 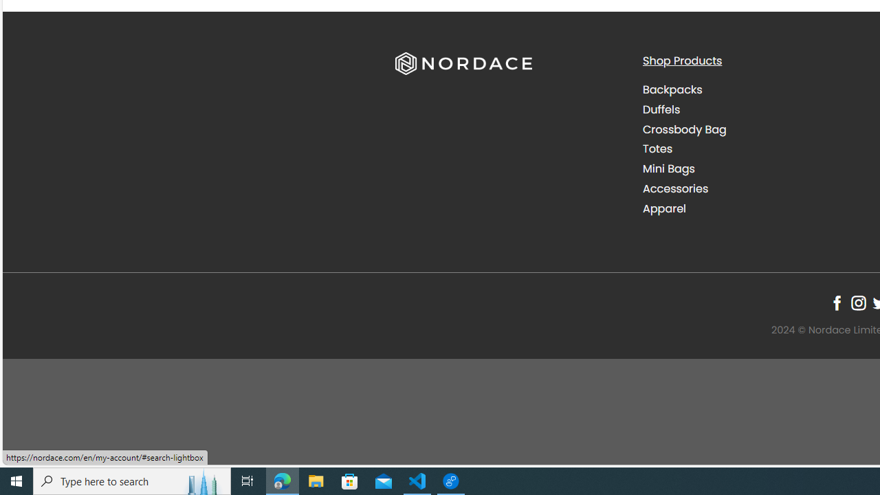 I want to click on 'Apparel', so click(x=664, y=208).